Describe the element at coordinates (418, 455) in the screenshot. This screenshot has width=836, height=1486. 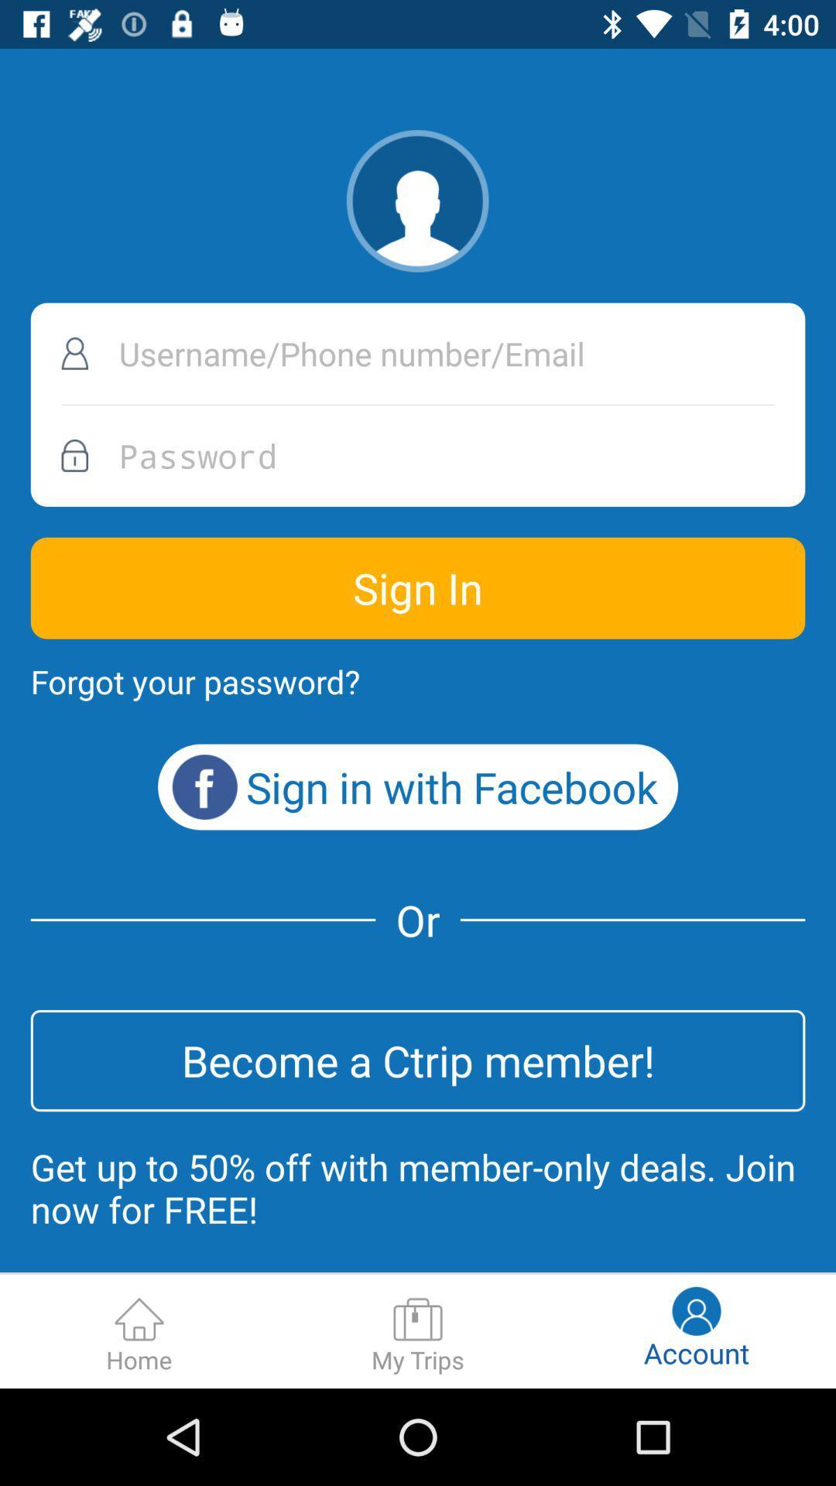
I see `password` at that location.